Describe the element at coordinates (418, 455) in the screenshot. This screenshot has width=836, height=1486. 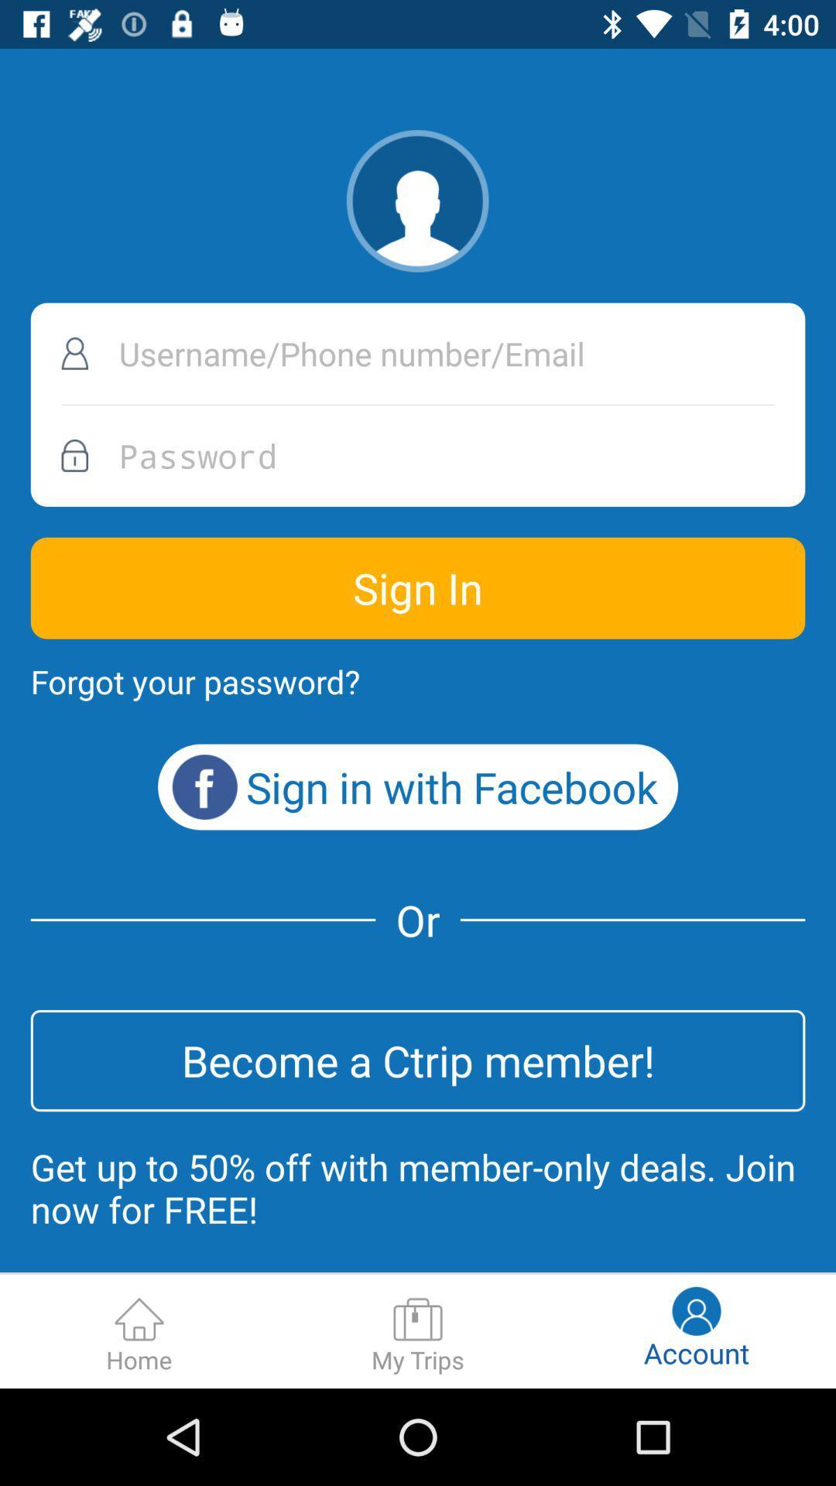
I see `password` at that location.